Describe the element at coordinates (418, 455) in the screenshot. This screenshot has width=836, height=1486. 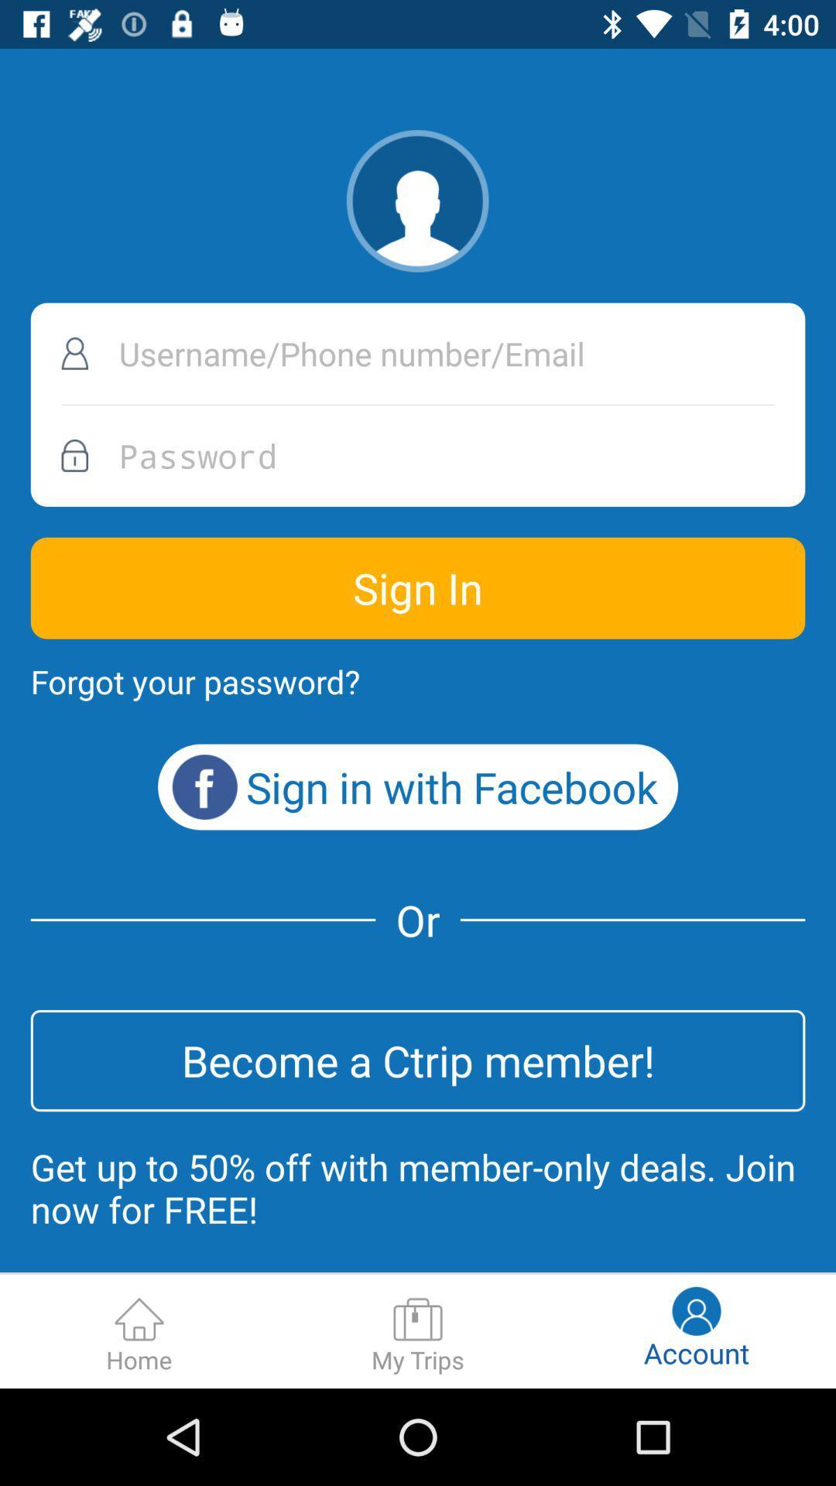
I see `password` at that location.